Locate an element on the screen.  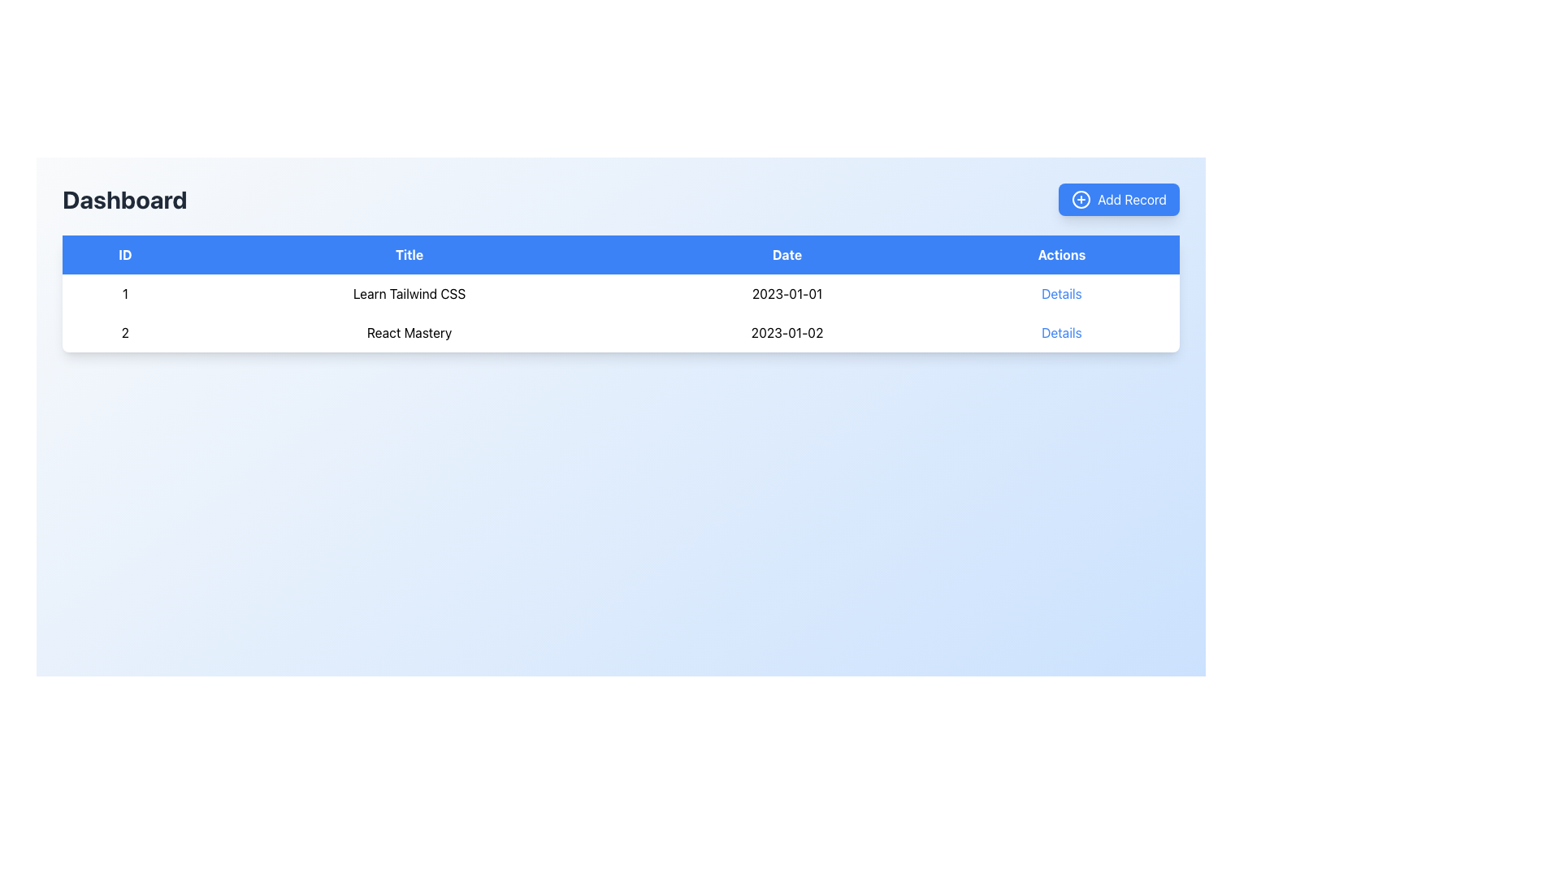
the circular component of the 'Add Record' button located in the upper right corner of the layout is located at coordinates (1081, 199).